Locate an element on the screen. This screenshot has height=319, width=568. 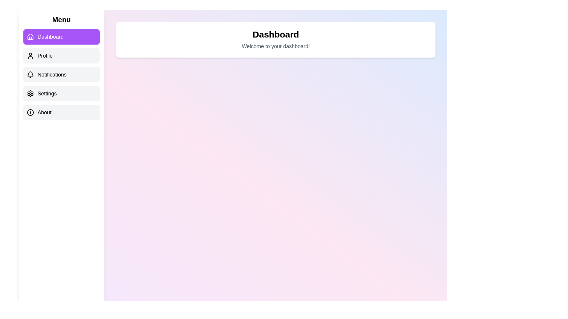
the menu item Notifications to view its content is located at coordinates (61, 74).